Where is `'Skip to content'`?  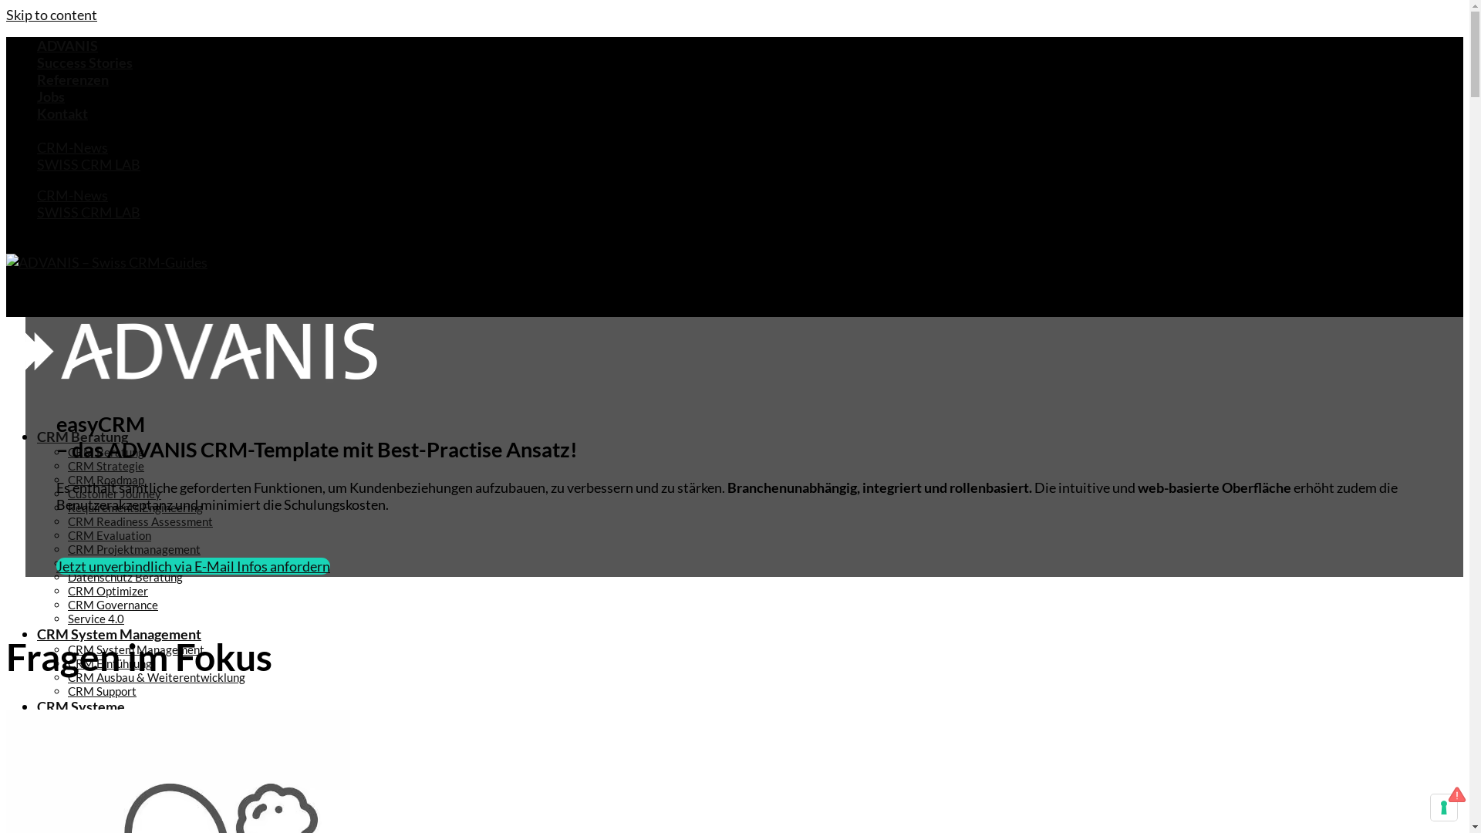 'Skip to content' is located at coordinates (52, 15).